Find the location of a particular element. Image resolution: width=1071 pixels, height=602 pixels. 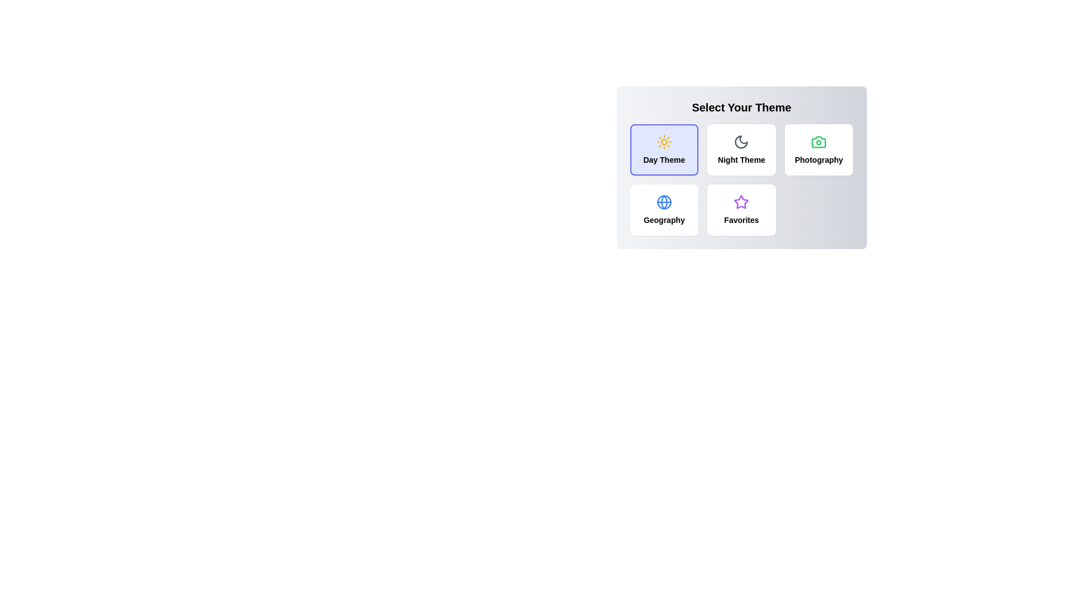

the 'Geography' button, which is a rectangular button with a blue globe icon above the label, located in the bottom-left position of a 3x2 grid is located at coordinates (664, 210).